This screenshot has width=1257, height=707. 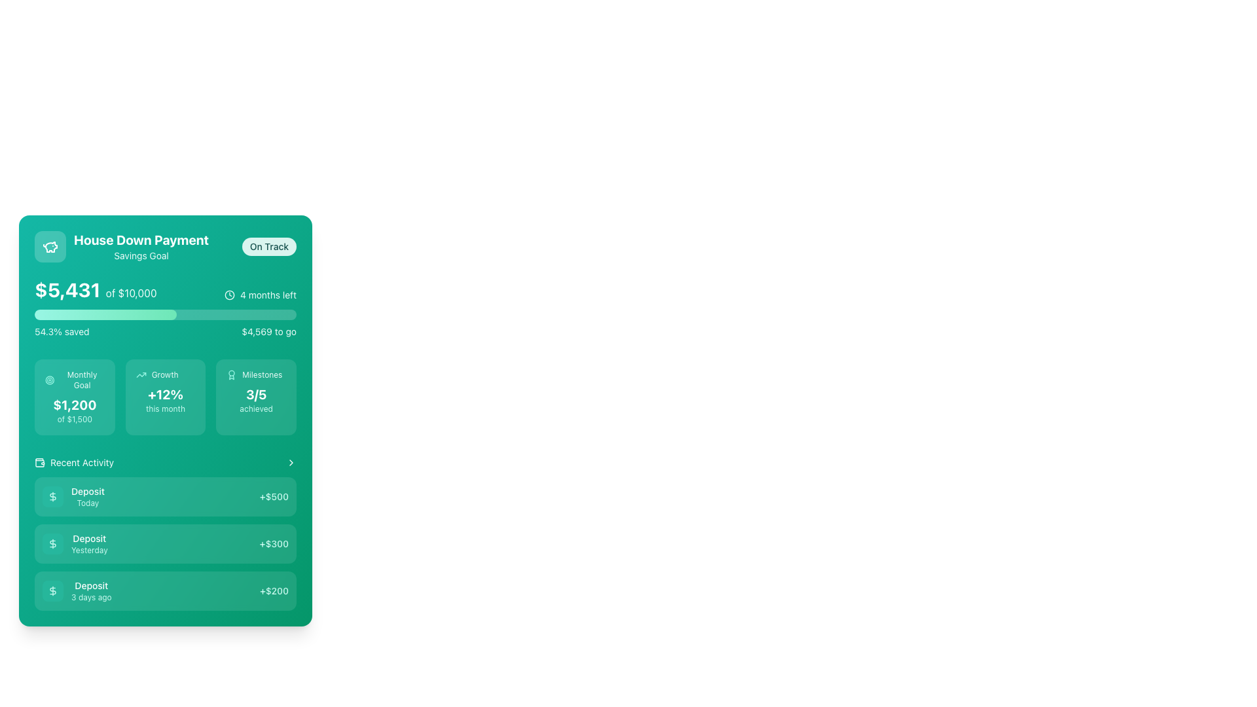 What do you see at coordinates (291, 462) in the screenshot?
I see `the right-pointing chevron icon styled in a minimalist design, located against a green background in the 'Recent Activity' section` at bounding box center [291, 462].